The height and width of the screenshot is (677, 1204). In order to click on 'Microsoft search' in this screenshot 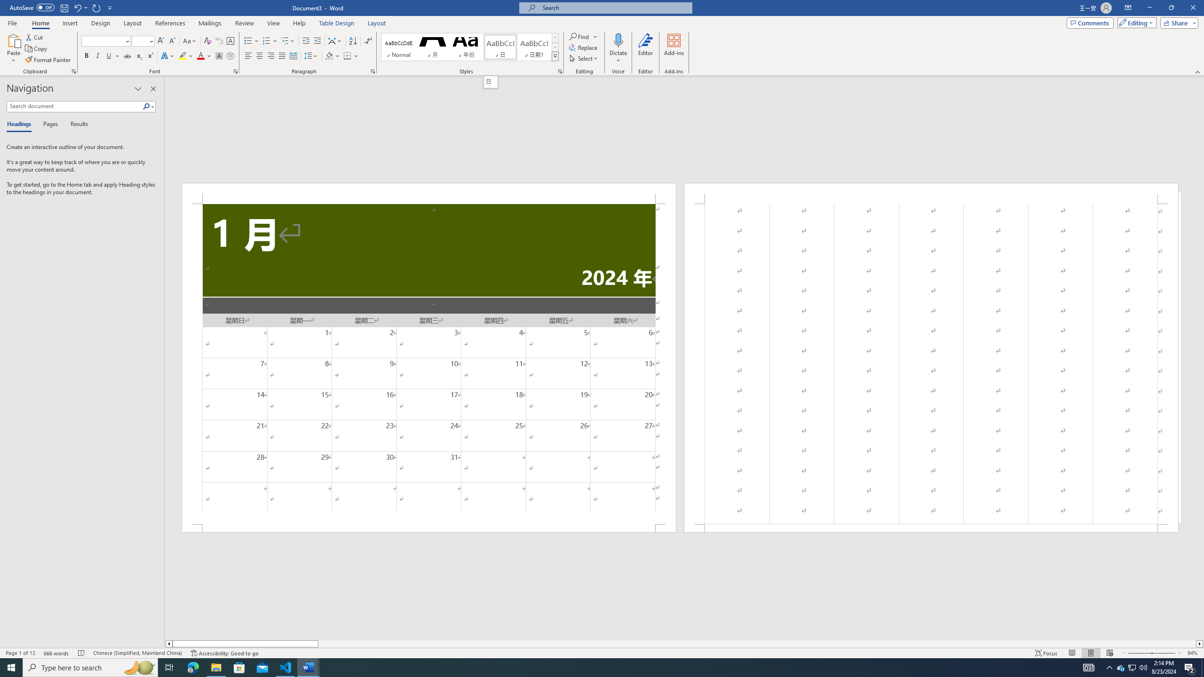, I will do `click(613, 8)`.